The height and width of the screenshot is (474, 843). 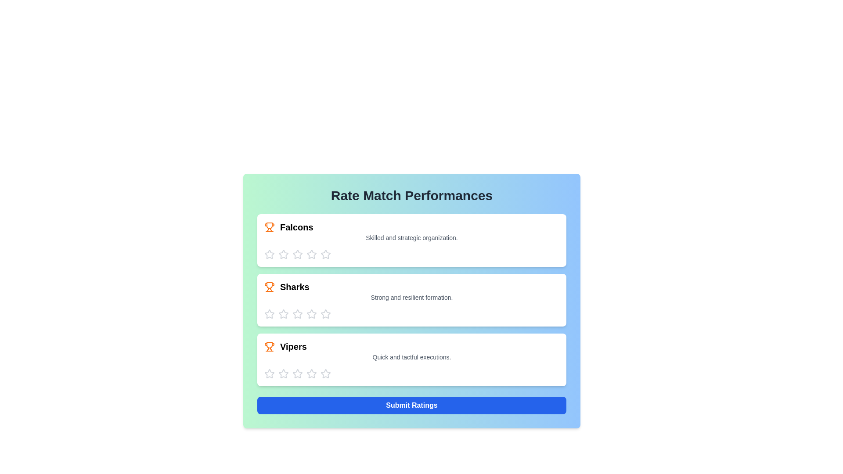 I want to click on the Sharks team's 4 star to set the rating, so click(x=312, y=314).